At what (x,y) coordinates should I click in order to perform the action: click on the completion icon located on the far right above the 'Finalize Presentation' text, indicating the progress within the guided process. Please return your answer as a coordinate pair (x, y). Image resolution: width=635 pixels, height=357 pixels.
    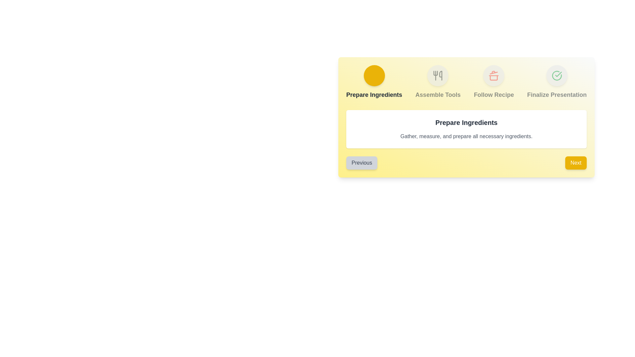
    Looking at the image, I should click on (557, 75).